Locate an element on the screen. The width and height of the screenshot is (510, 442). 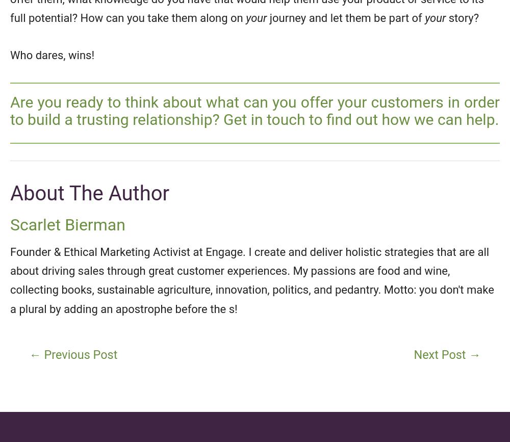
'Are you ready to think about what can you offer your customers in order to build a trusting relationship?' is located at coordinates (255, 111).